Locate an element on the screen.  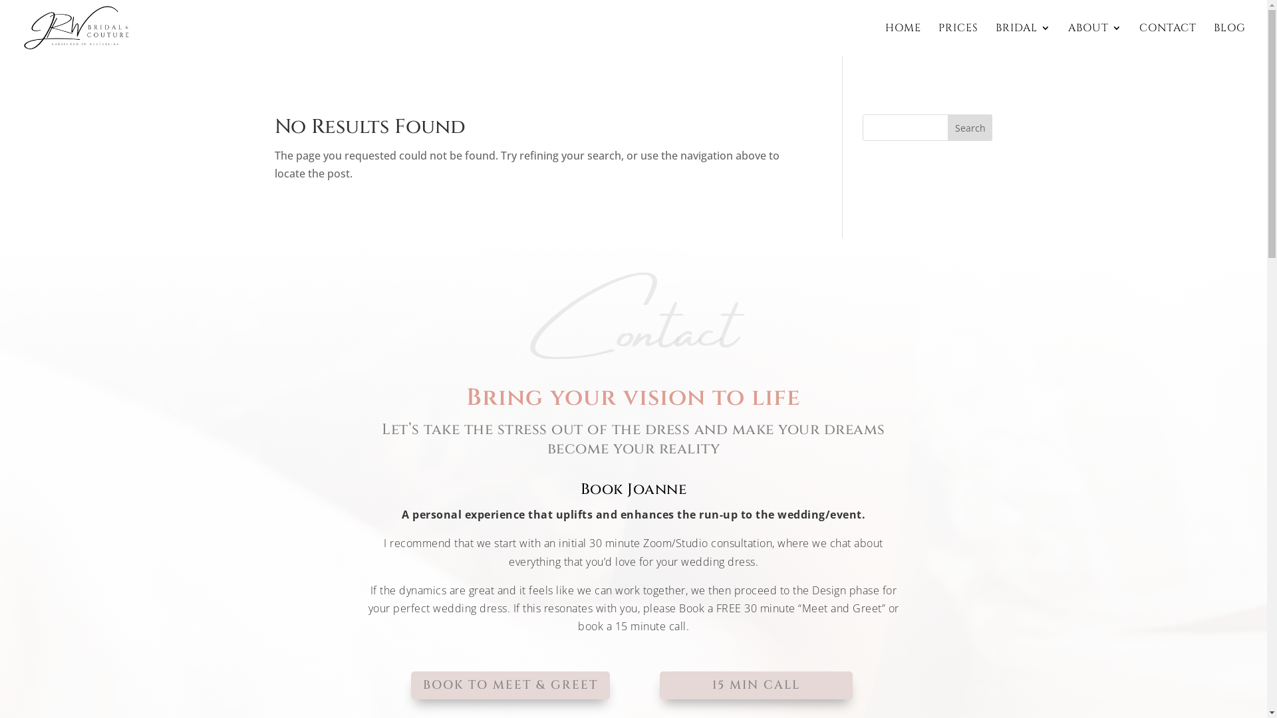
'PRICES' is located at coordinates (958, 39).